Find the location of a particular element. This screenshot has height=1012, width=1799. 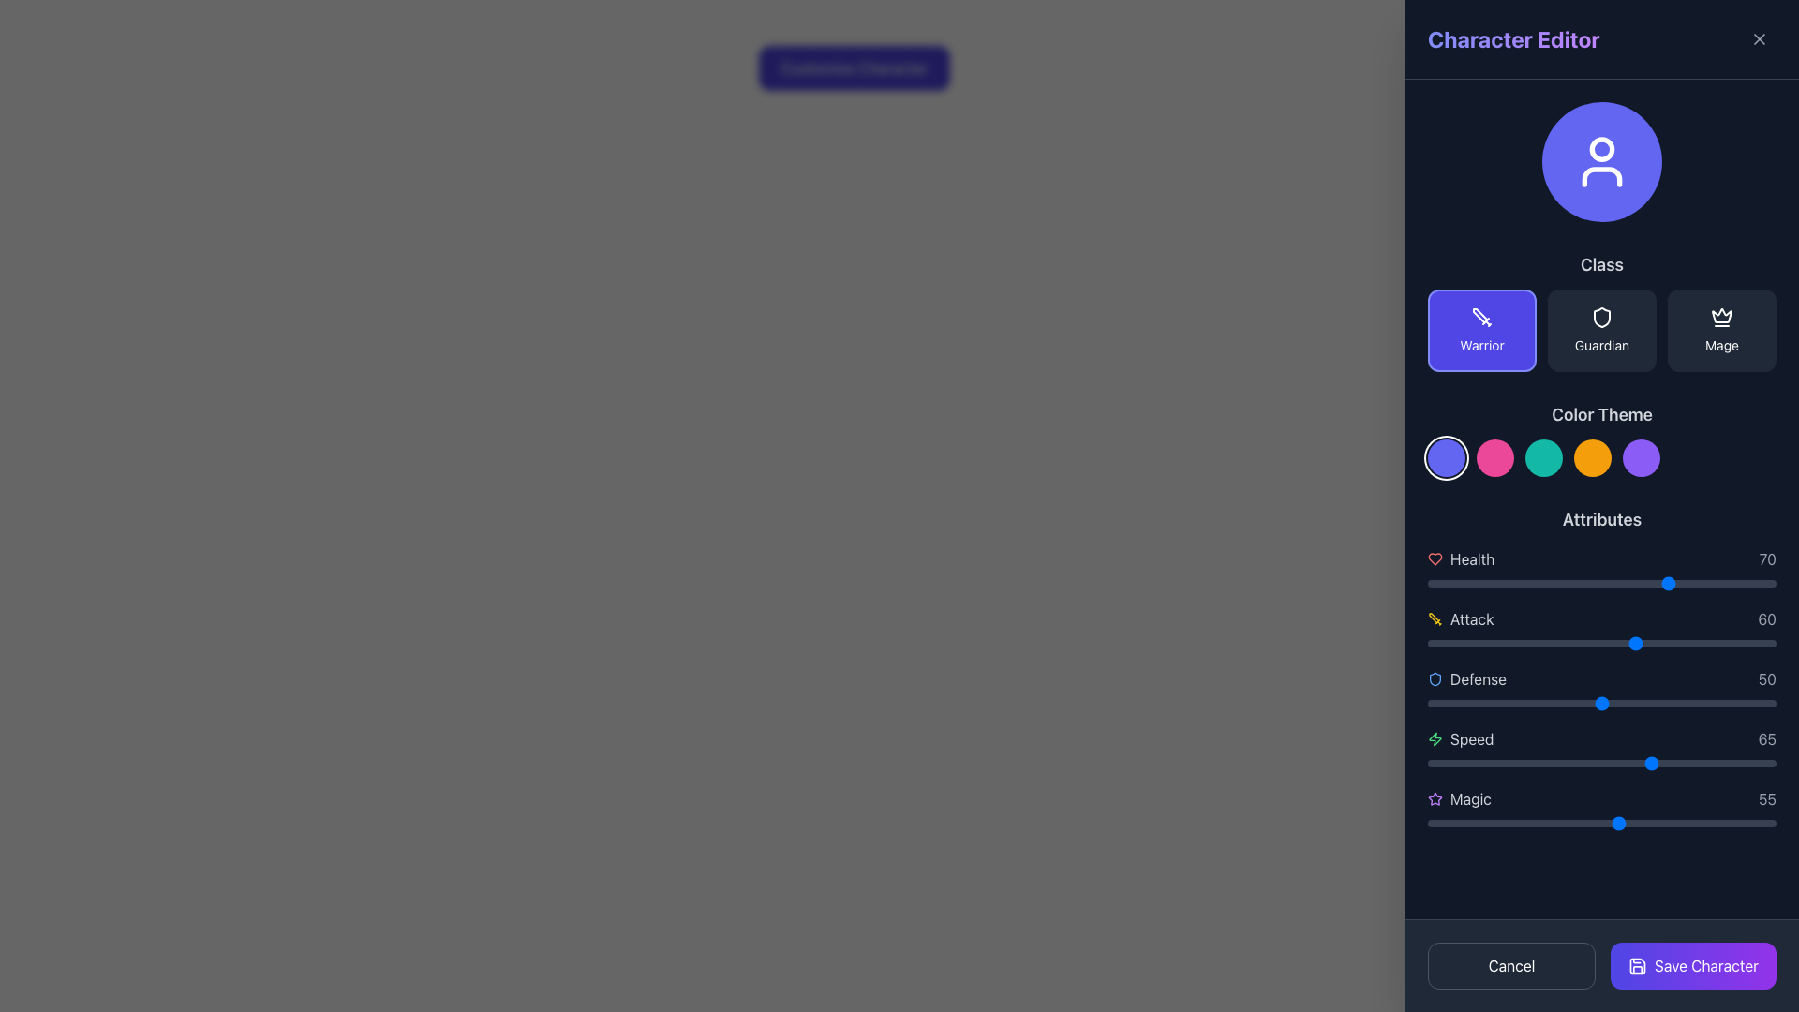

the 'Health' slider located under the 'Attributes' header, specifically positioned under the heart icon and the text '70', as it is the first slider in the right-hand sidebar is located at coordinates (1600, 583).